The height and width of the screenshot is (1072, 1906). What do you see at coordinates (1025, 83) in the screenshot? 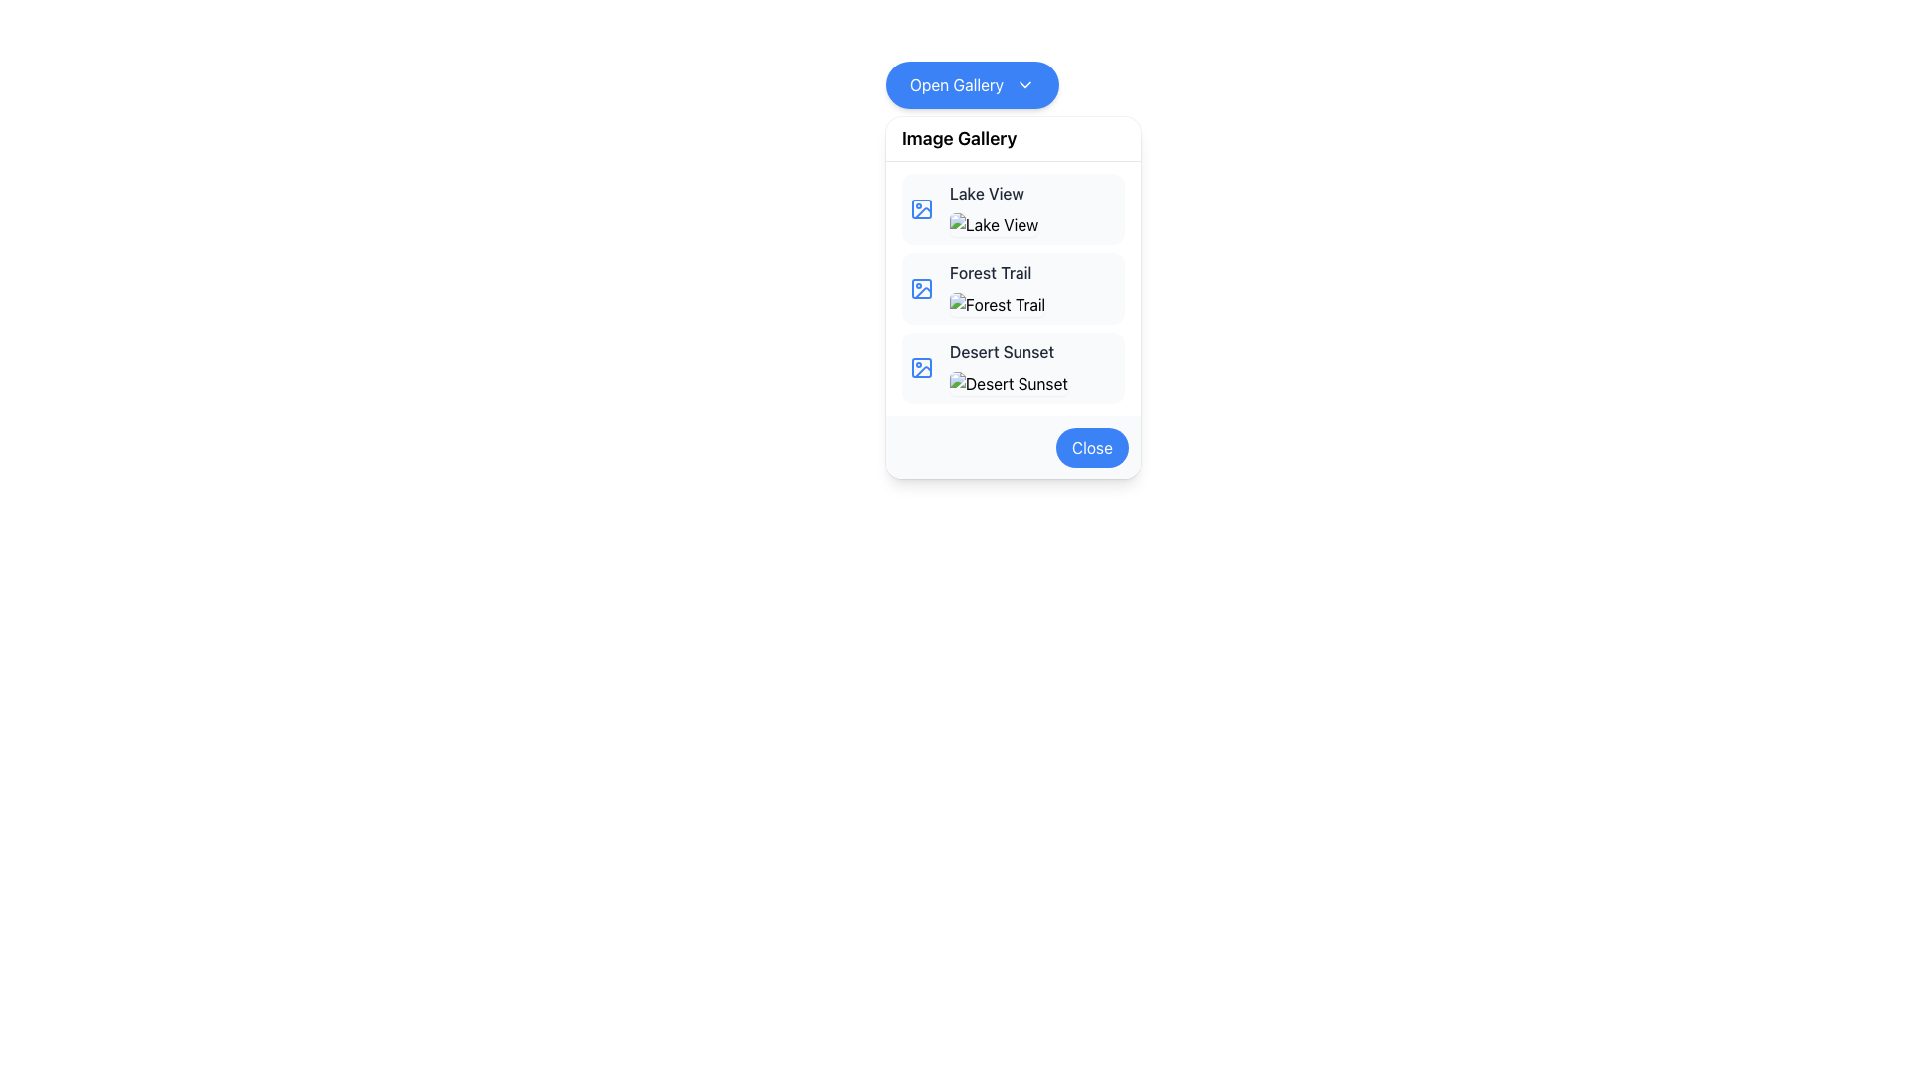
I see `the chevron-down icon located at the end of the 'Open Gallery' button` at bounding box center [1025, 83].